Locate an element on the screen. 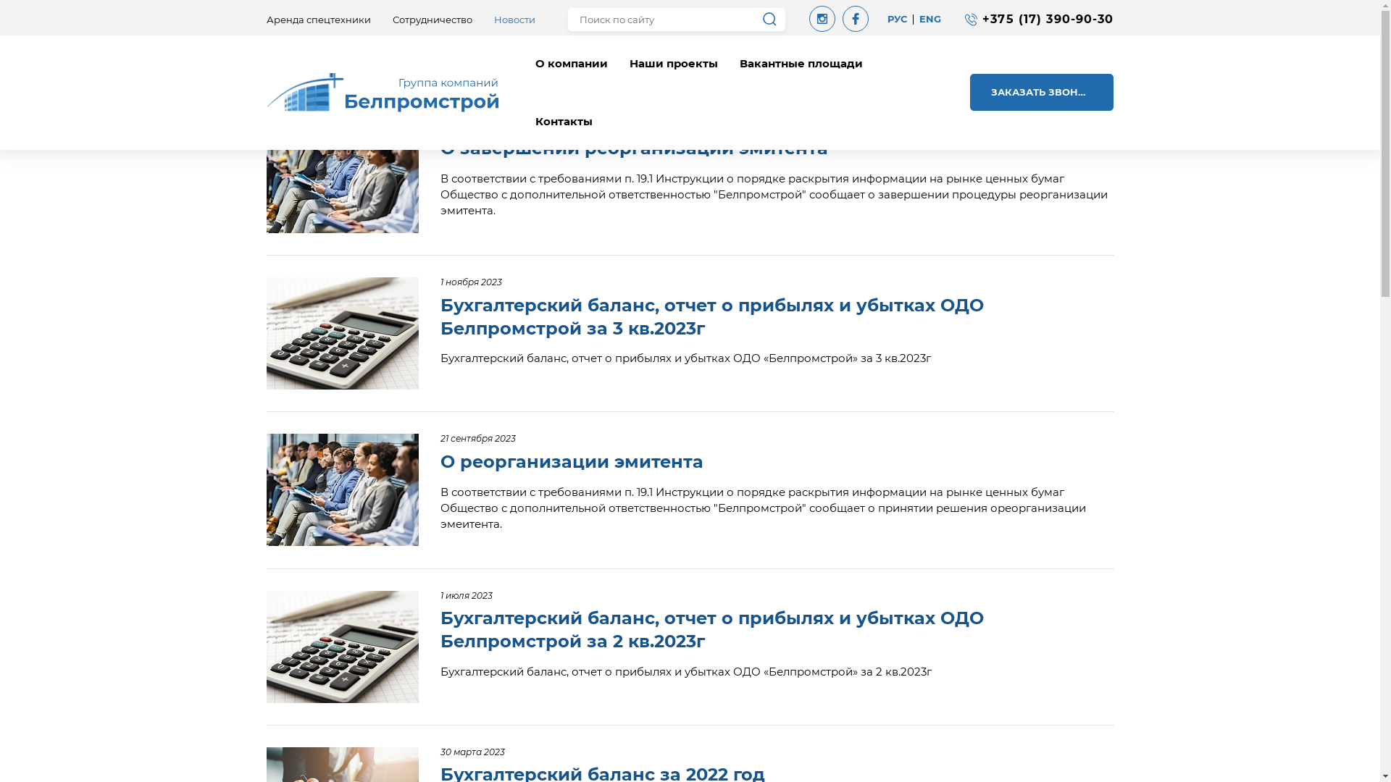  '+375 (17) 390-90-30' is located at coordinates (1048, 19).